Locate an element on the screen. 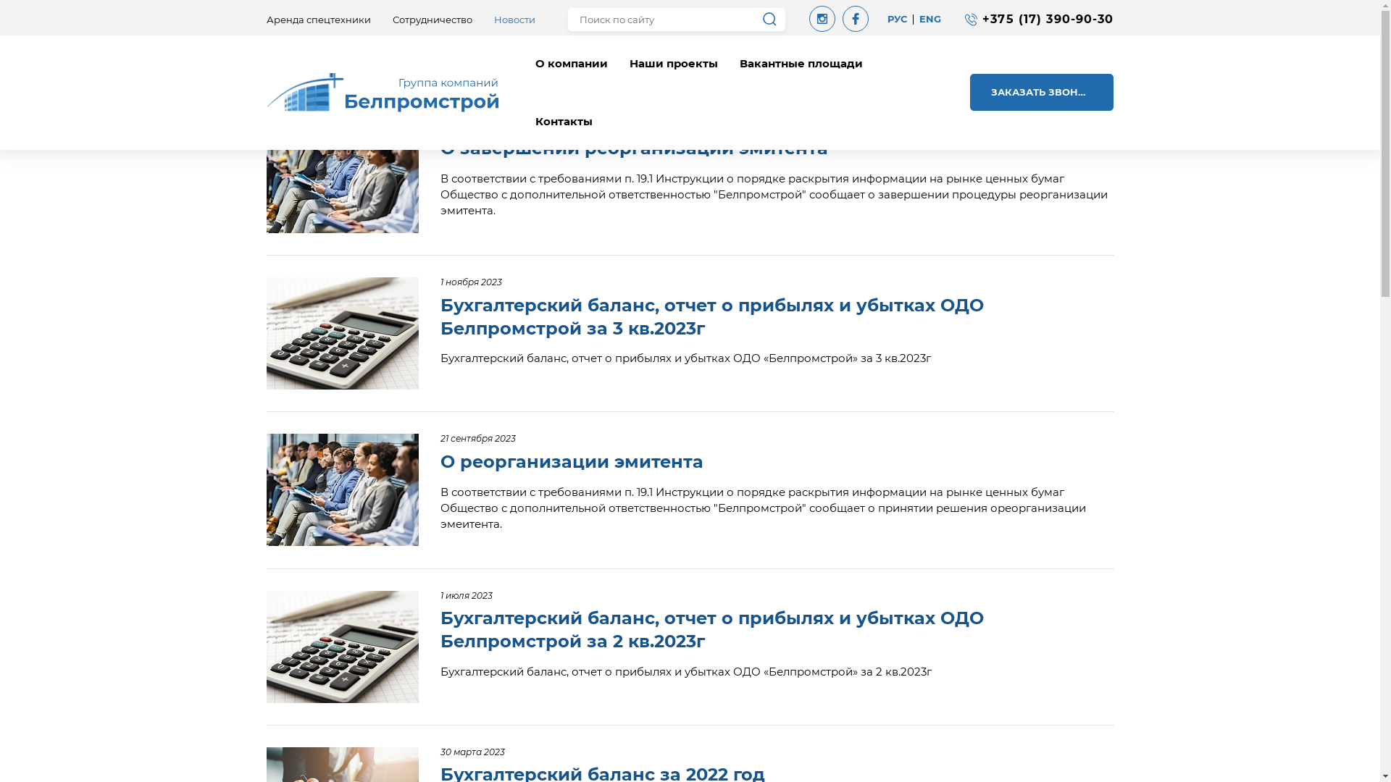  '+375 (17) 390-90-30' is located at coordinates (1048, 19).